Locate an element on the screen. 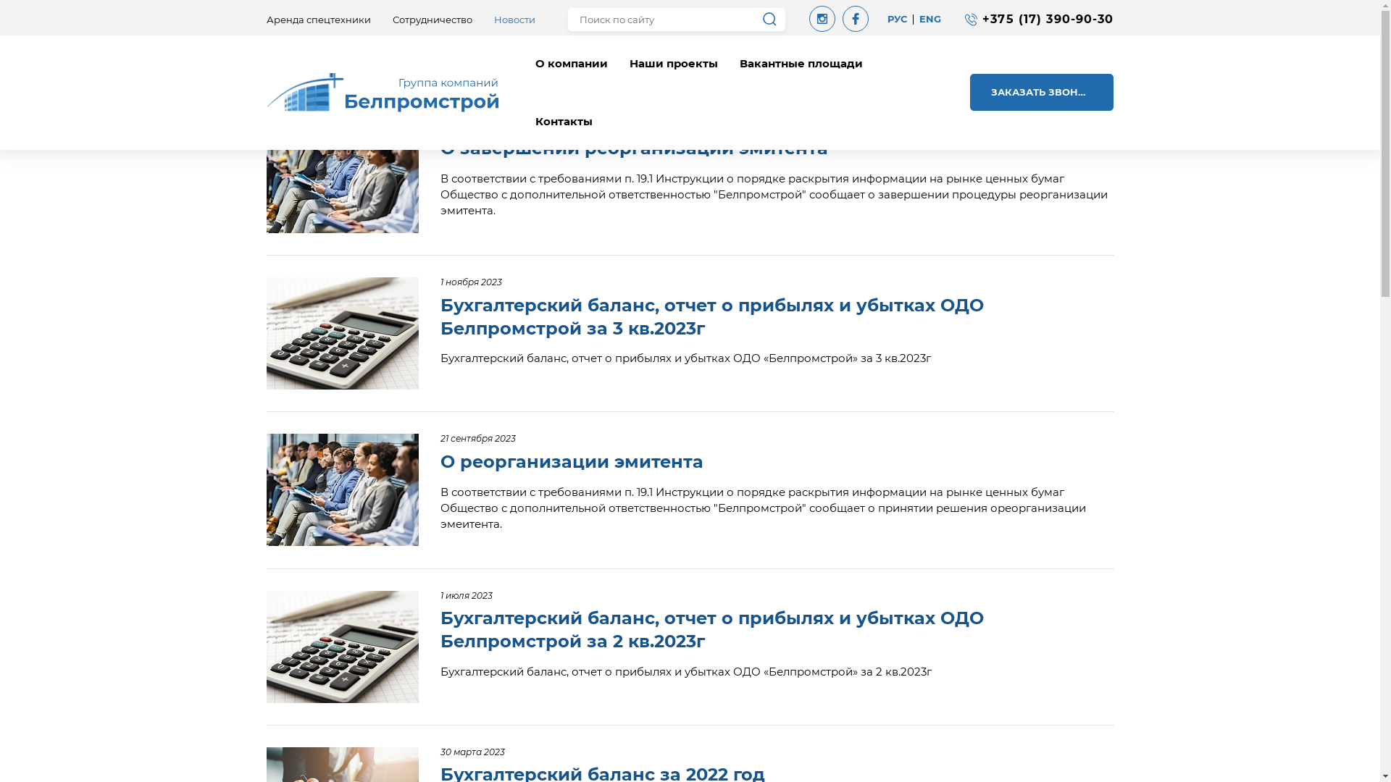  '+375 (17) 390-90-30' is located at coordinates (1048, 19).